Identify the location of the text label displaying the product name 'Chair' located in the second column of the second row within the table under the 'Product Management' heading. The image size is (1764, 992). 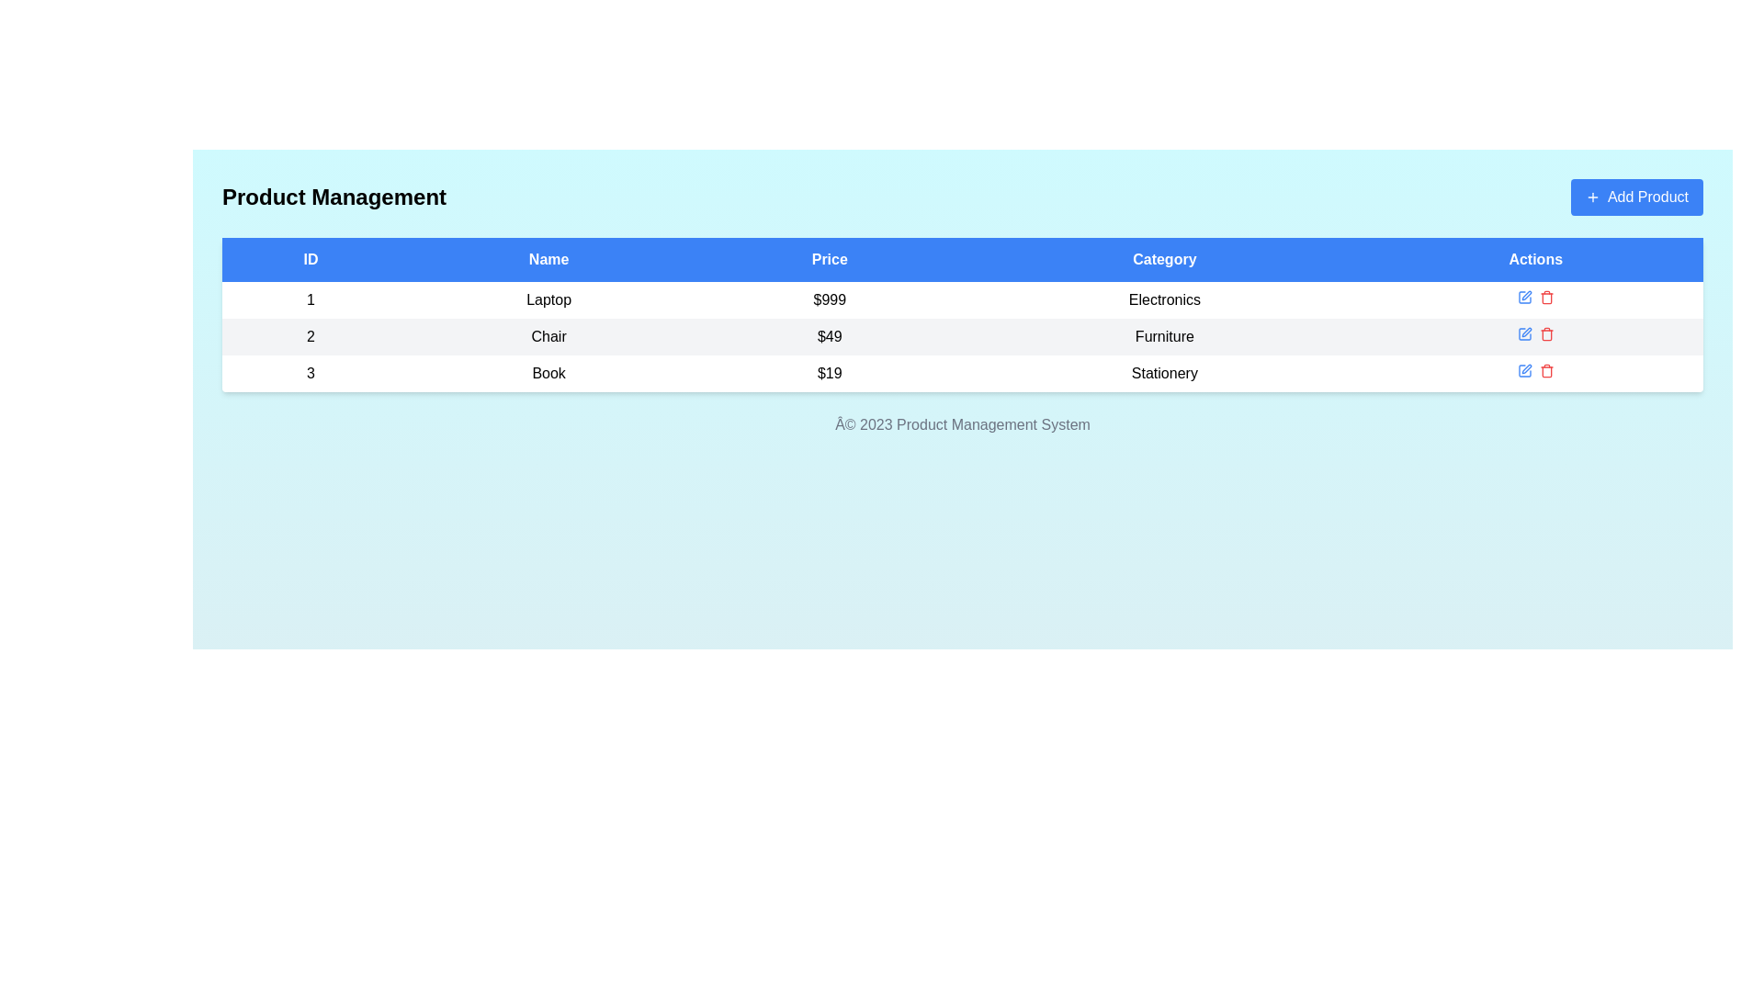
(548, 336).